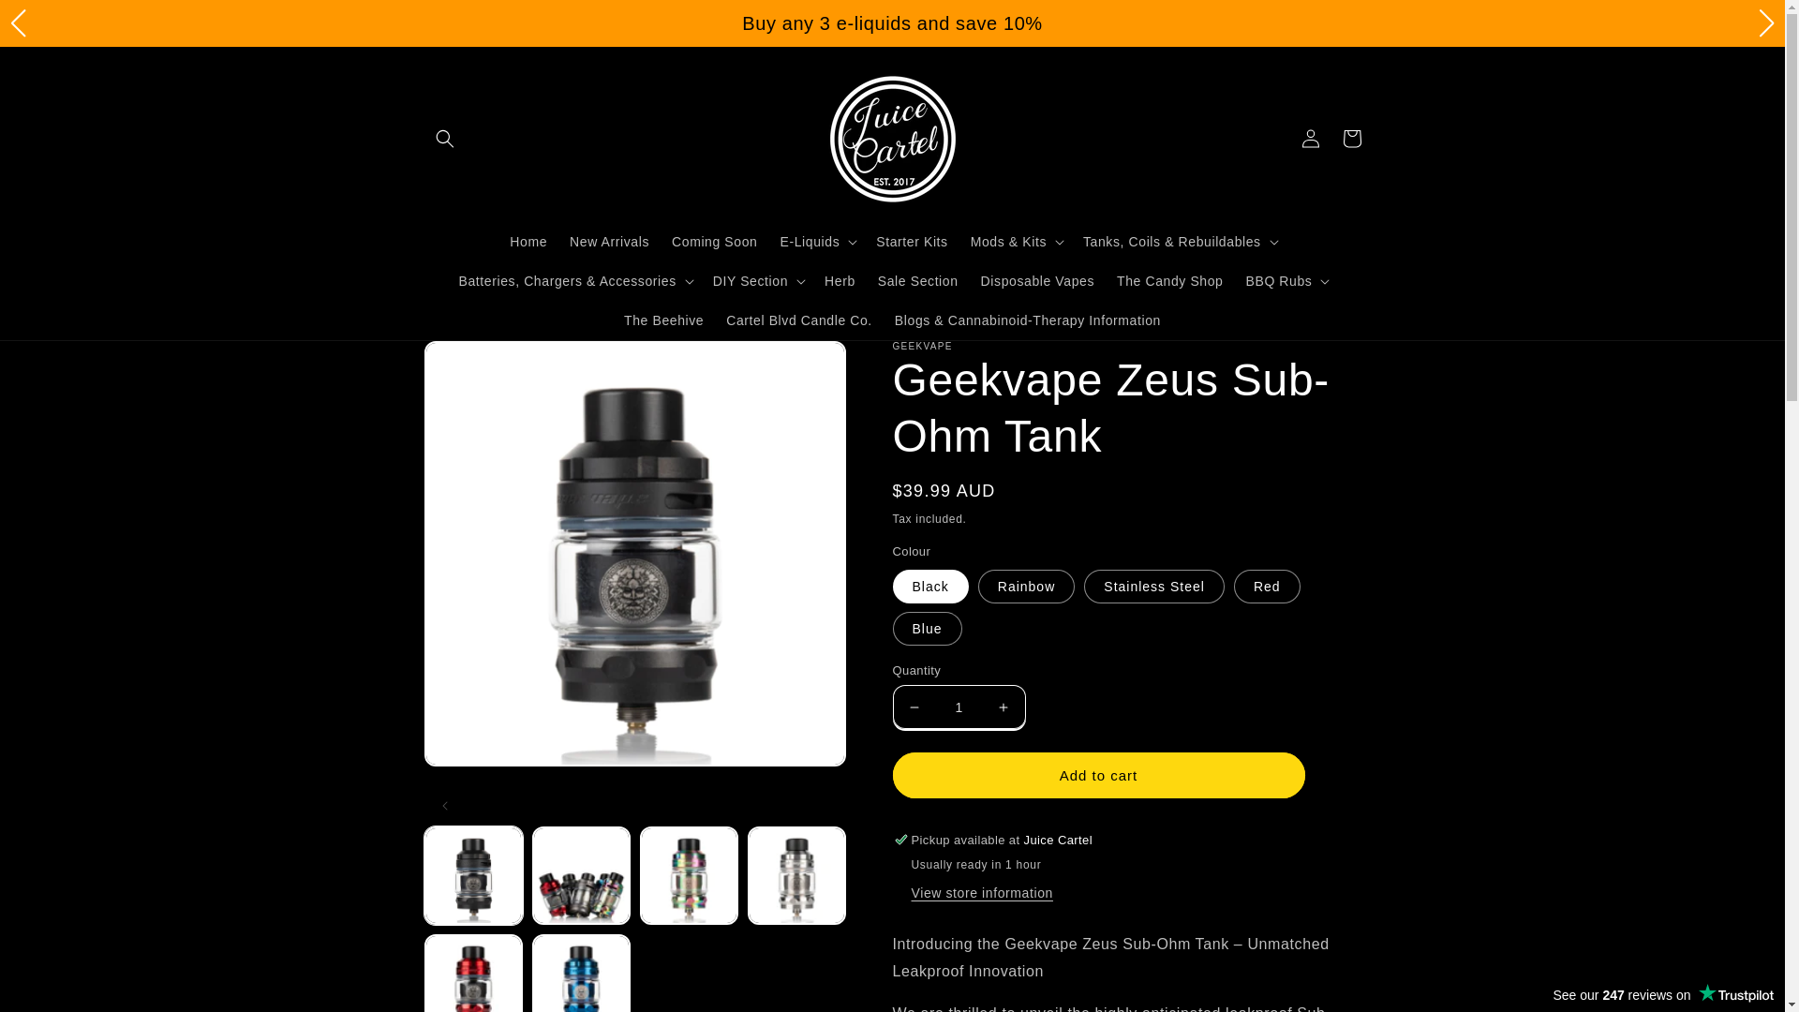 The height and width of the screenshot is (1012, 1799). What do you see at coordinates (912, 240) in the screenshot?
I see `'Starter Kits'` at bounding box center [912, 240].